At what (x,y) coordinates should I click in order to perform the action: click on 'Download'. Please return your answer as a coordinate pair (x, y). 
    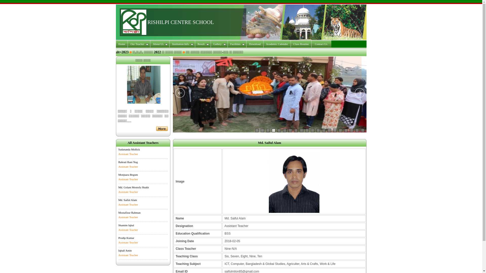
    Looking at the image, I should click on (255, 43).